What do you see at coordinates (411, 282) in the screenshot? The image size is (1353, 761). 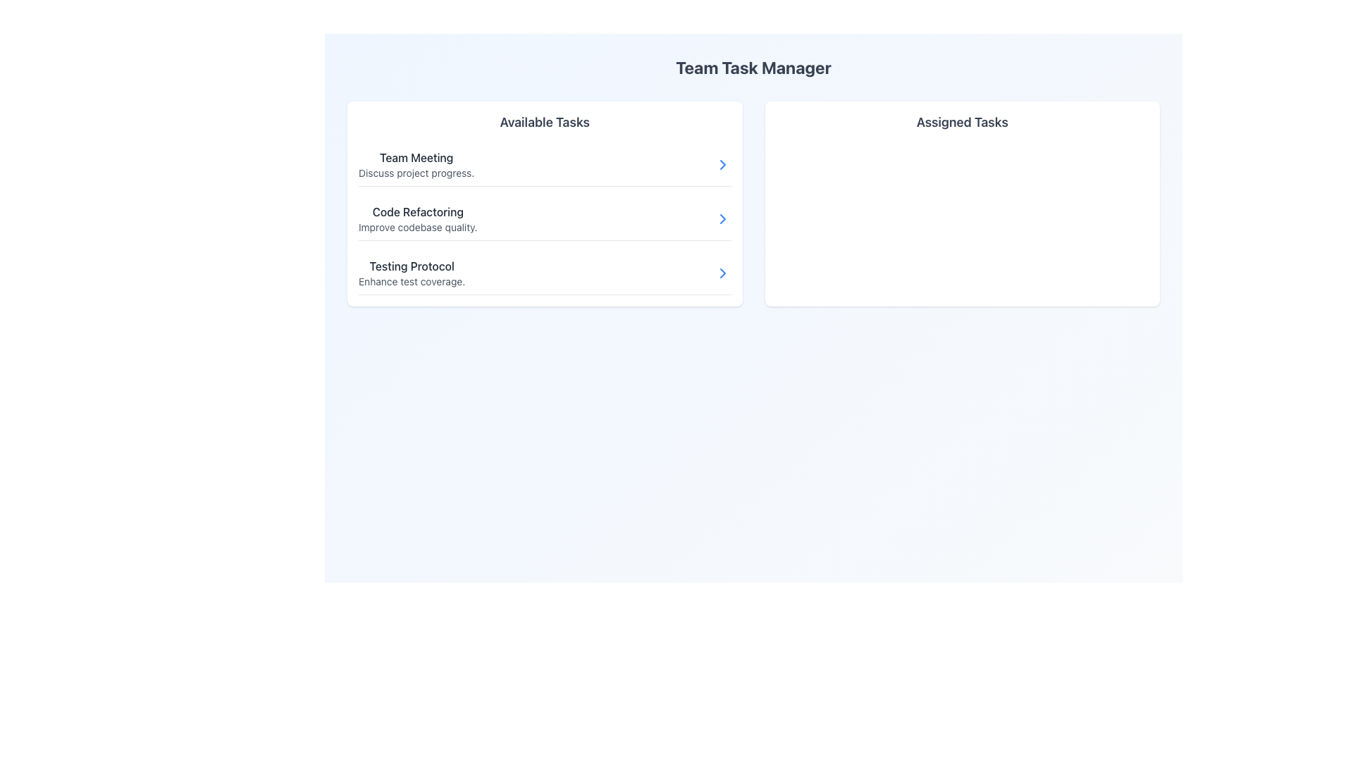 I see `text label displaying 'Enhance test coverage.' which is located beneath the bolded text 'Testing Protocol' in the 'Available Tasks' section` at bounding box center [411, 282].